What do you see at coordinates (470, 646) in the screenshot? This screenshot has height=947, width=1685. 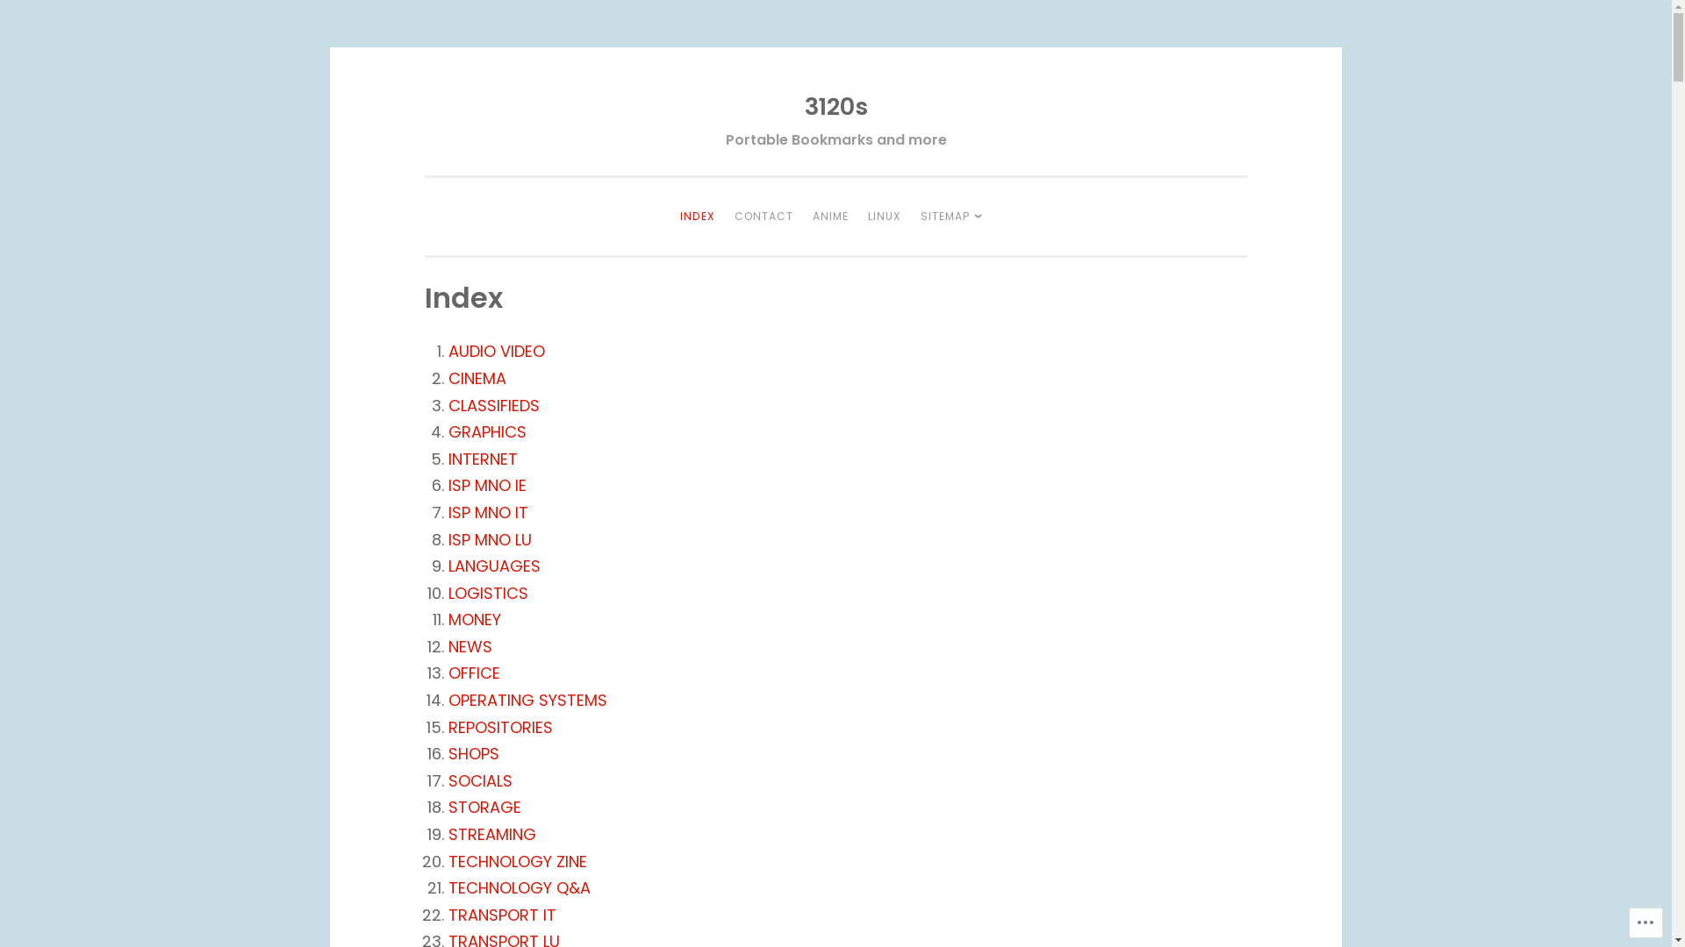 I see `'NEWS'` at bounding box center [470, 646].